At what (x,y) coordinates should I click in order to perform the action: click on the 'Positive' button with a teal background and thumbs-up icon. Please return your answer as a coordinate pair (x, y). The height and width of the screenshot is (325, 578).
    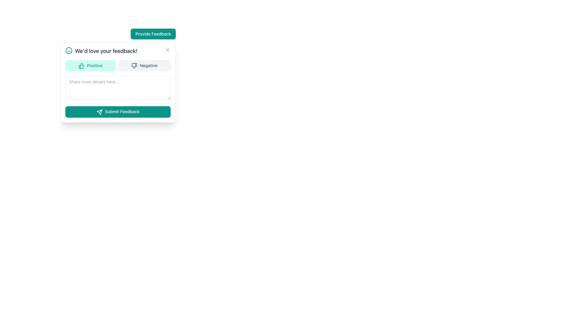
    Looking at the image, I should click on (90, 66).